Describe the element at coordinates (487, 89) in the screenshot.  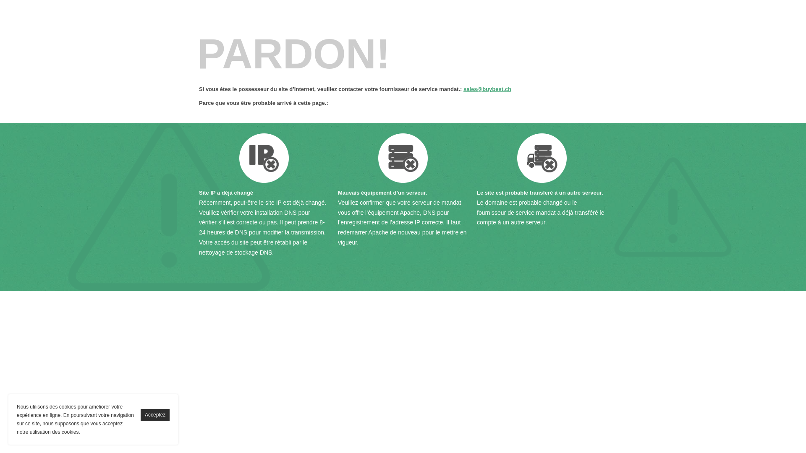
I see `'sales@buybest.ch'` at that location.